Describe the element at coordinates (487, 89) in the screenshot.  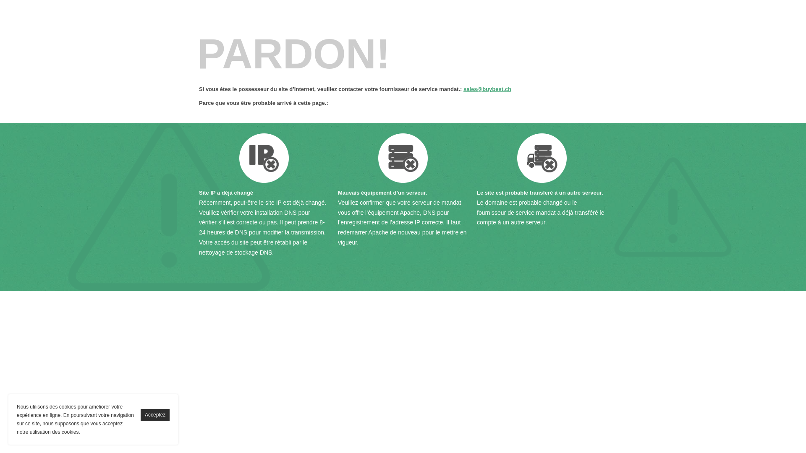
I see `'sales@buybest.ch'` at that location.